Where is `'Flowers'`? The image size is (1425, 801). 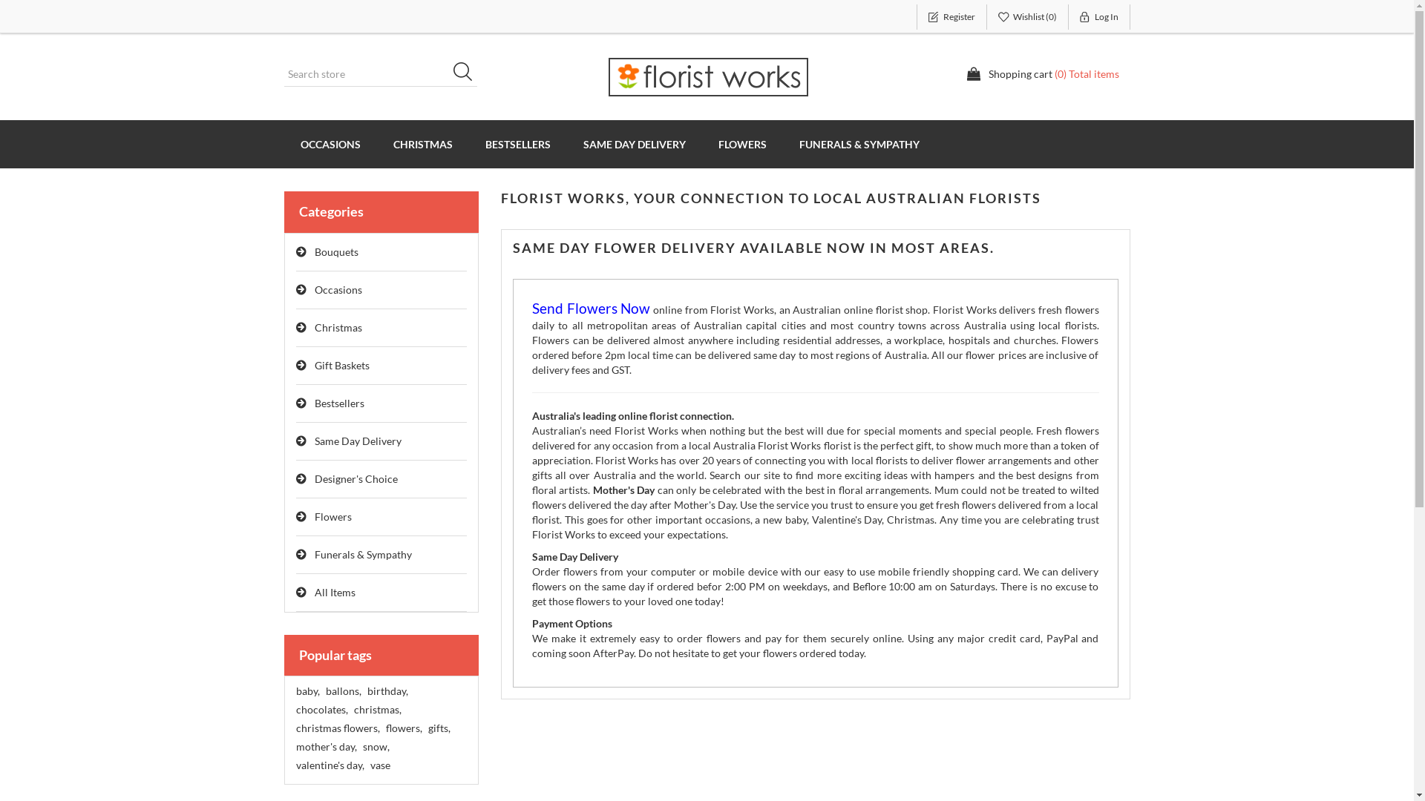
'Flowers' is located at coordinates (381, 516).